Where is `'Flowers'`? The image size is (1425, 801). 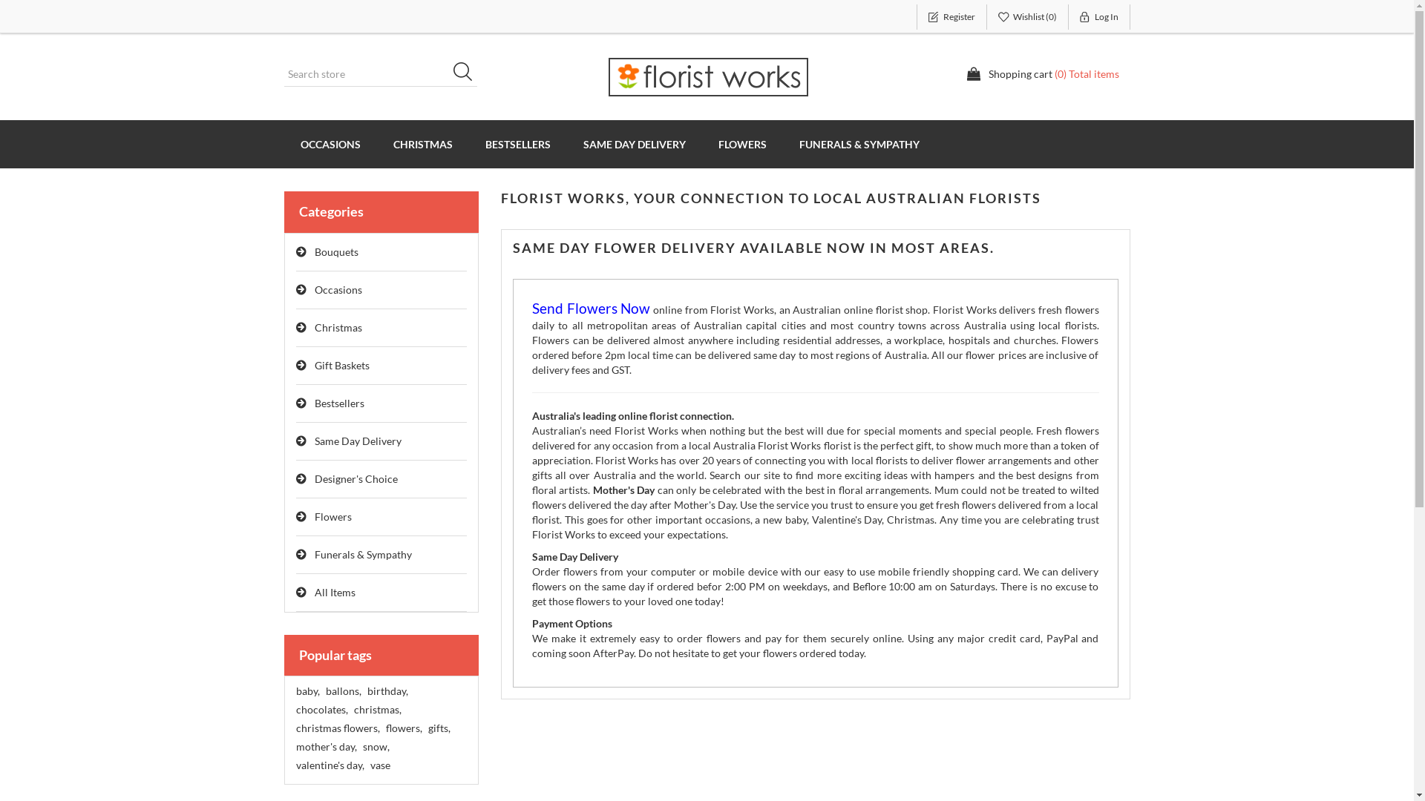
'Flowers' is located at coordinates (381, 516).